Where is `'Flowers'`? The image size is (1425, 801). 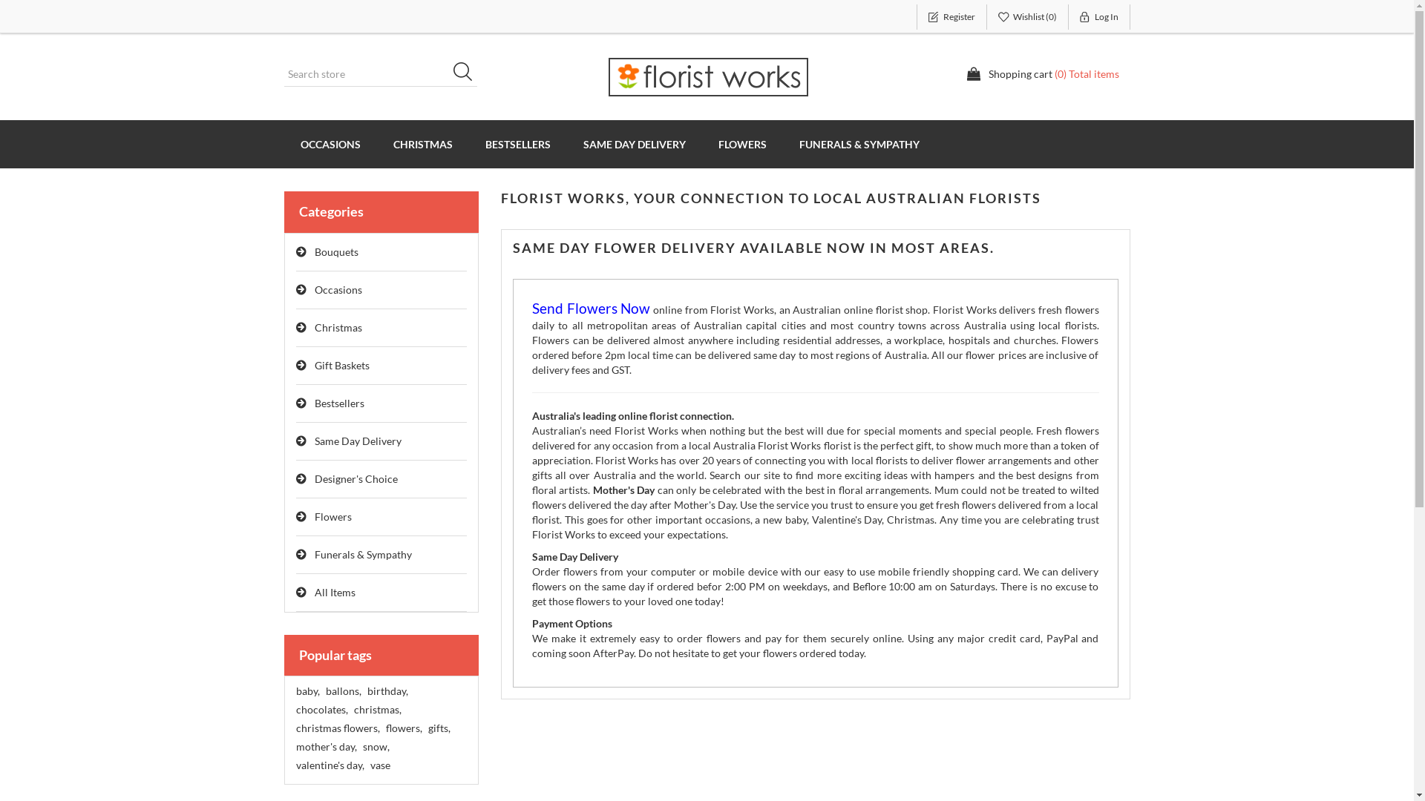
'Flowers' is located at coordinates (381, 516).